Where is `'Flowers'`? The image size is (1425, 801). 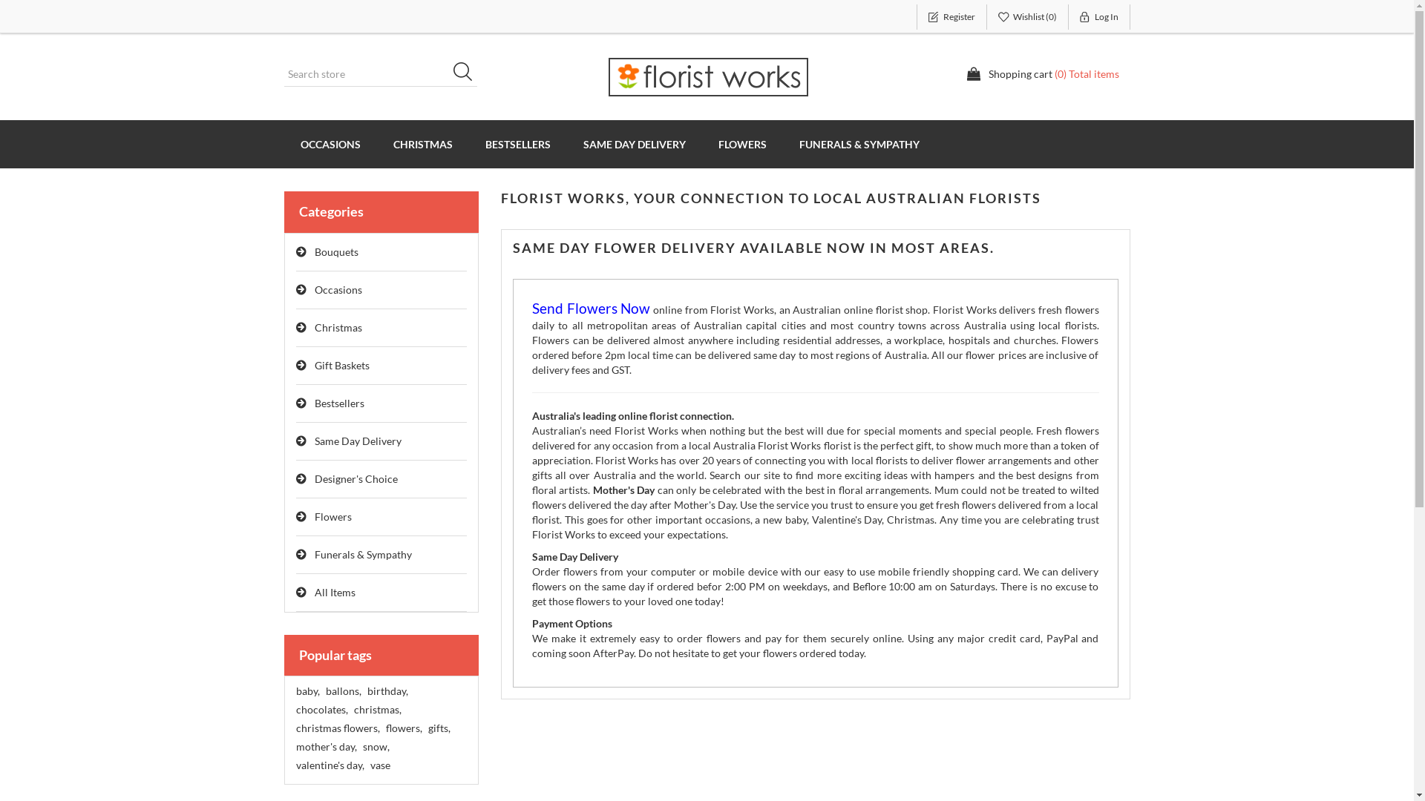
'Flowers' is located at coordinates (381, 516).